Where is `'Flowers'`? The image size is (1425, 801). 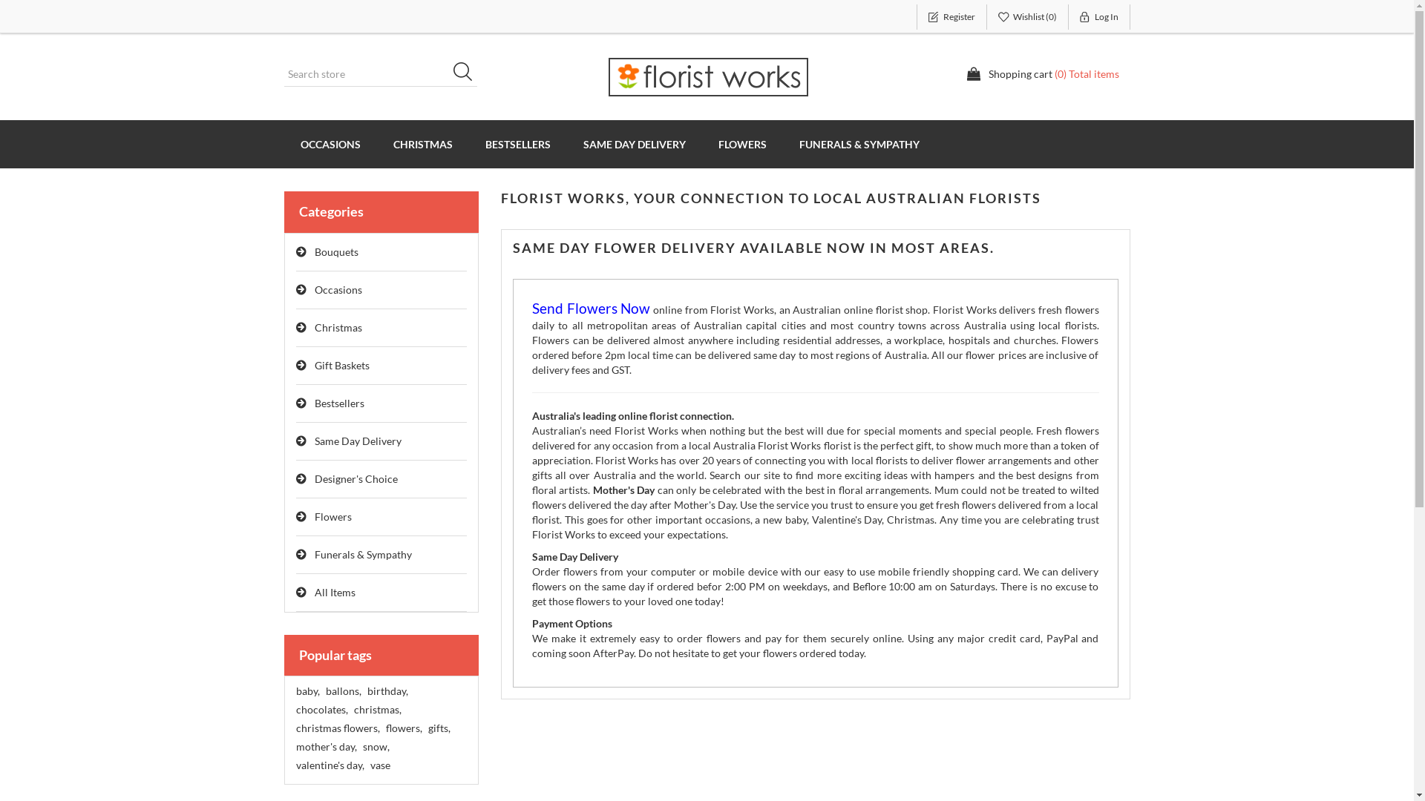
'Flowers' is located at coordinates (381, 516).